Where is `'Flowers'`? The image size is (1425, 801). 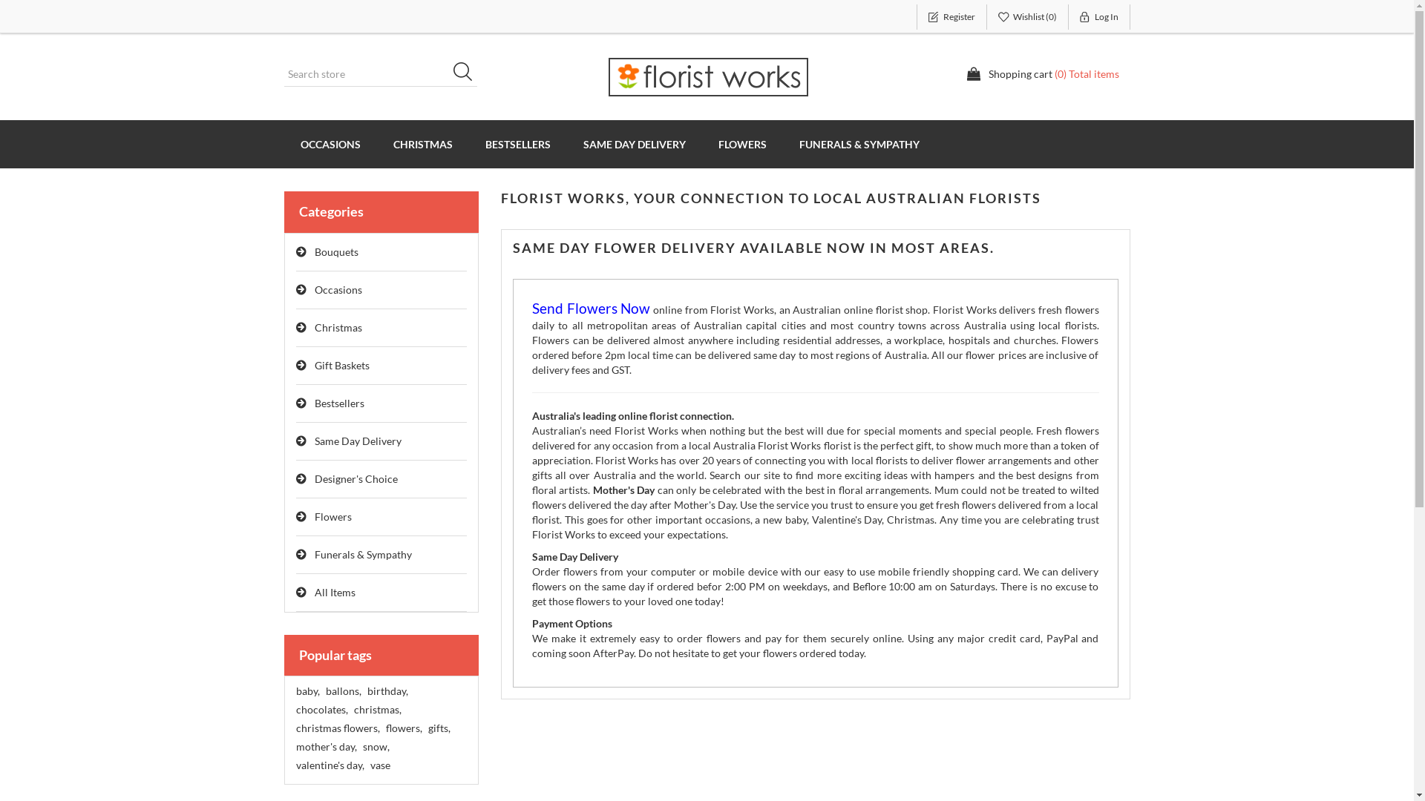
'Flowers' is located at coordinates (381, 516).